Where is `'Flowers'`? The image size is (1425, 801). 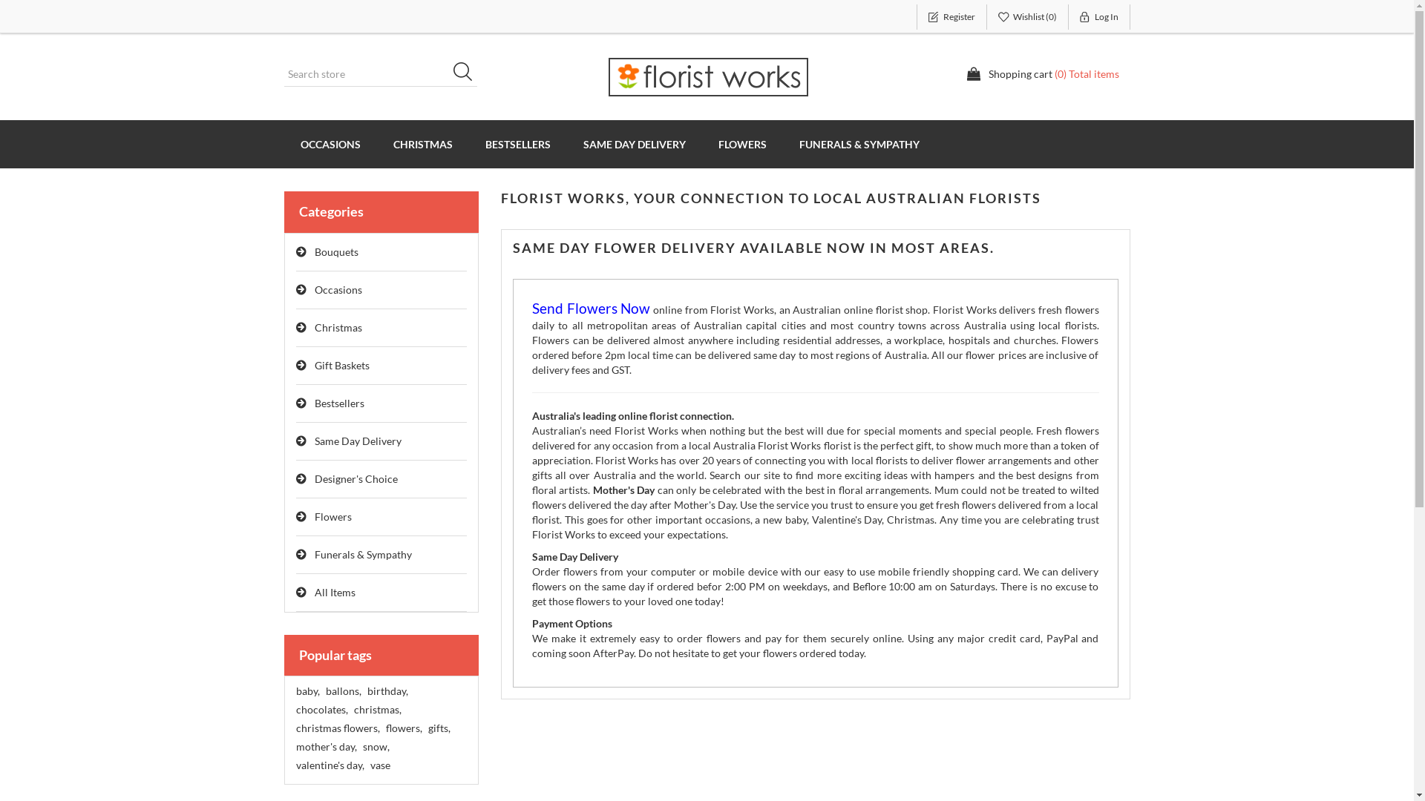
'Flowers' is located at coordinates (381, 516).